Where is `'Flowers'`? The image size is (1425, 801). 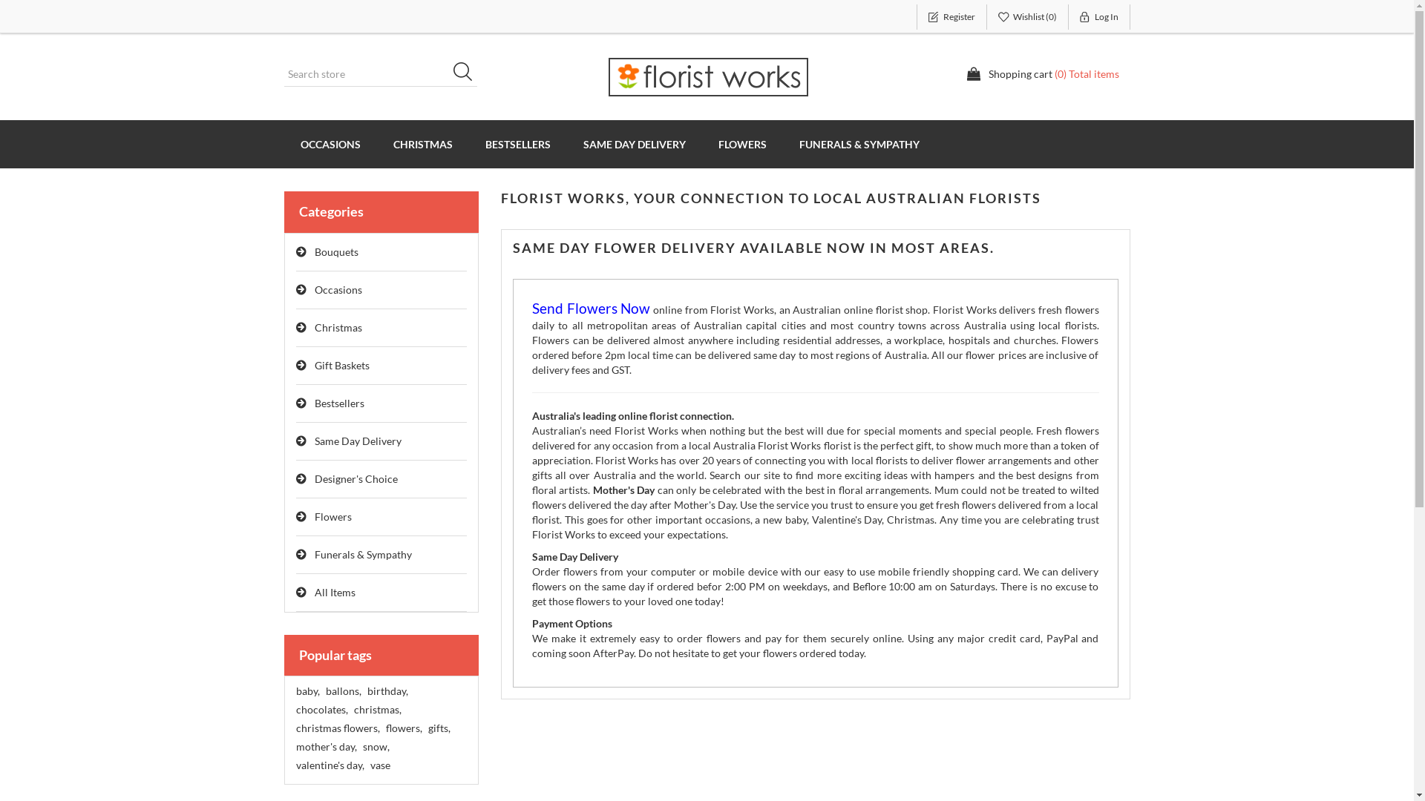
'Flowers' is located at coordinates (381, 516).